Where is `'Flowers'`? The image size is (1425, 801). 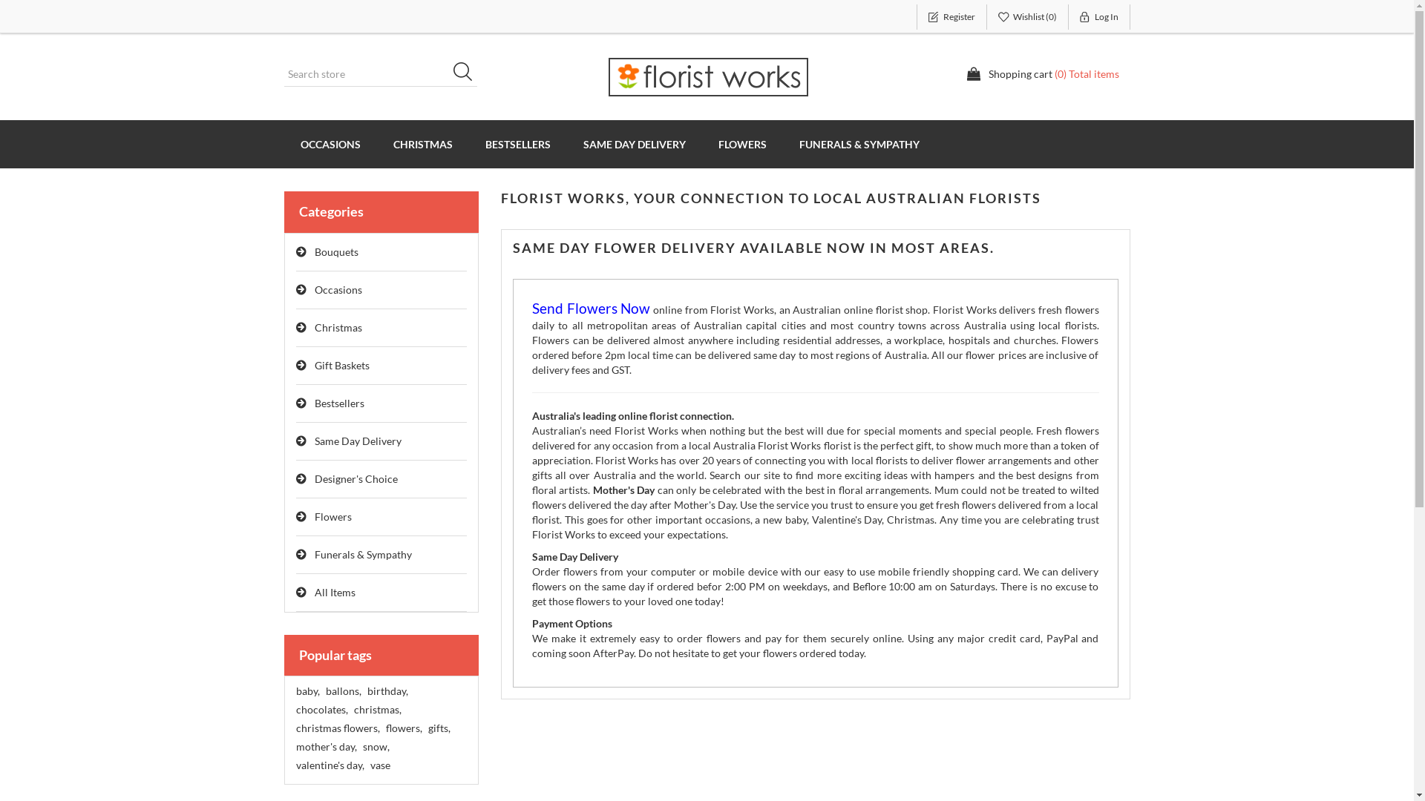
'Flowers' is located at coordinates (381, 516).